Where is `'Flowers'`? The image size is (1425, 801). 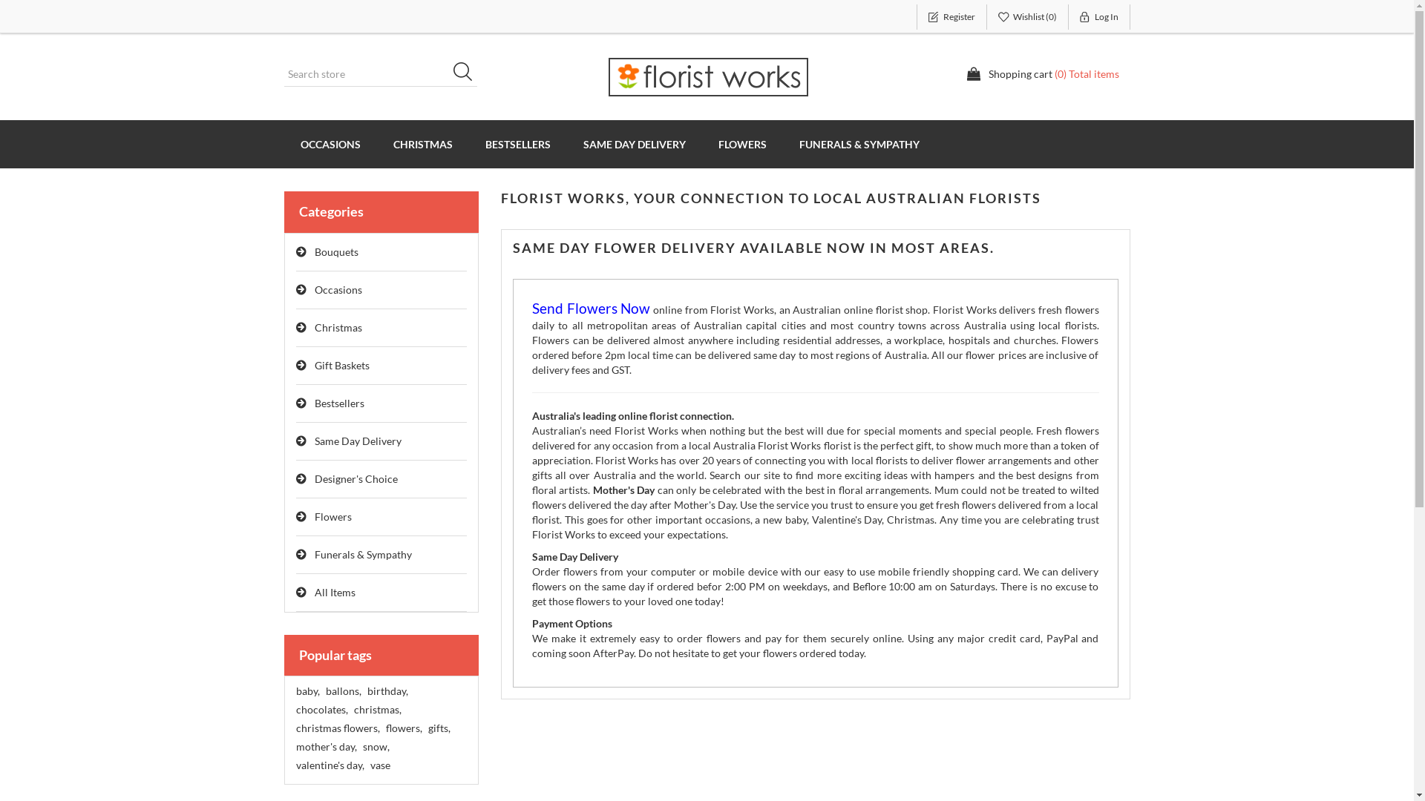
'Flowers' is located at coordinates (381, 516).